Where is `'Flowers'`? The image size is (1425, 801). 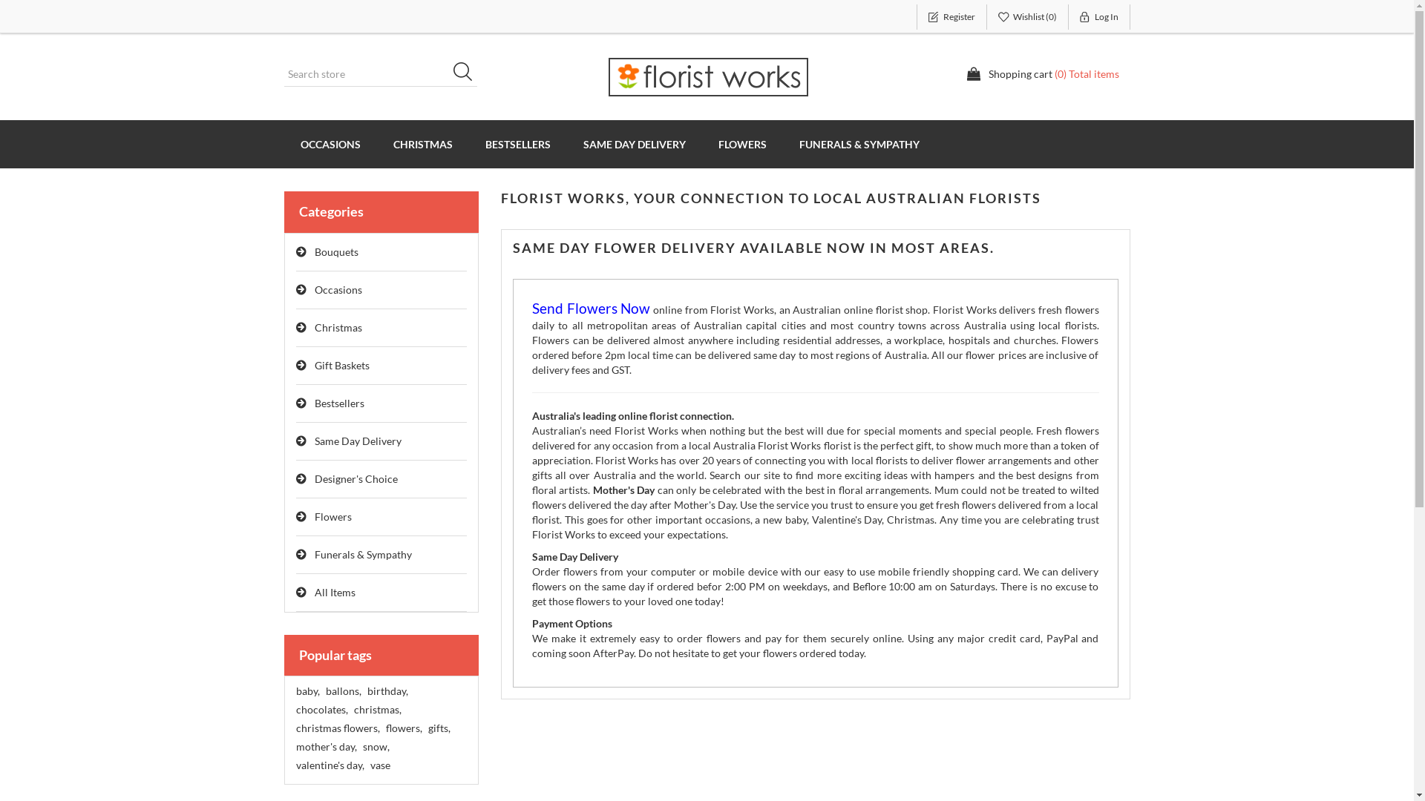
'Flowers' is located at coordinates (381, 516).